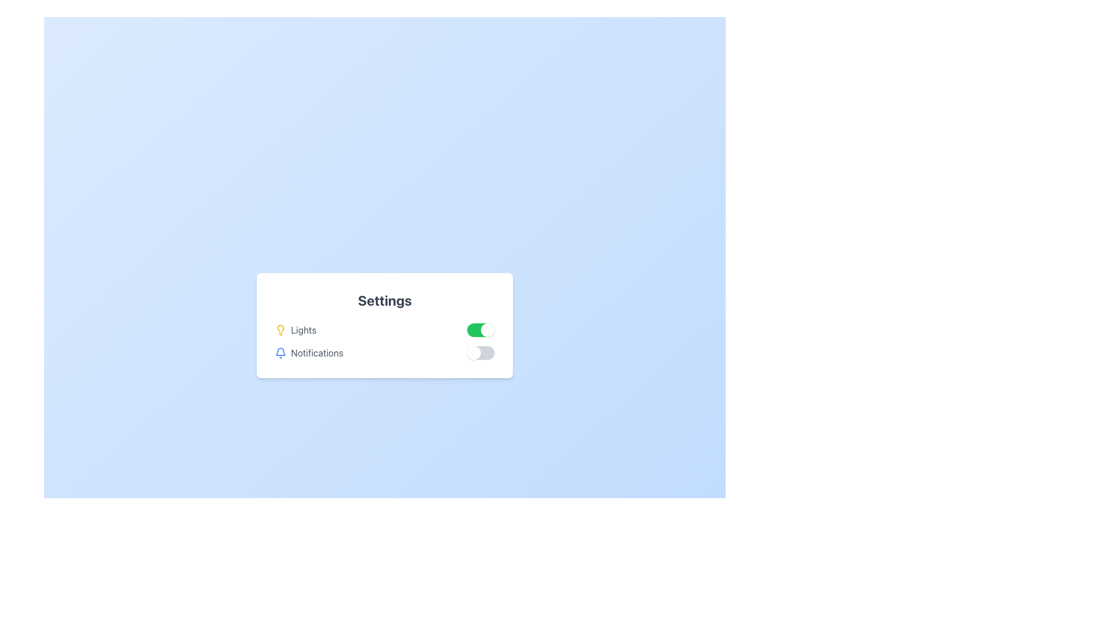  Describe the element at coordinates (474, 352) in the screenshot. I see `the circular toggle indicator for 'Notifications'` at that location.